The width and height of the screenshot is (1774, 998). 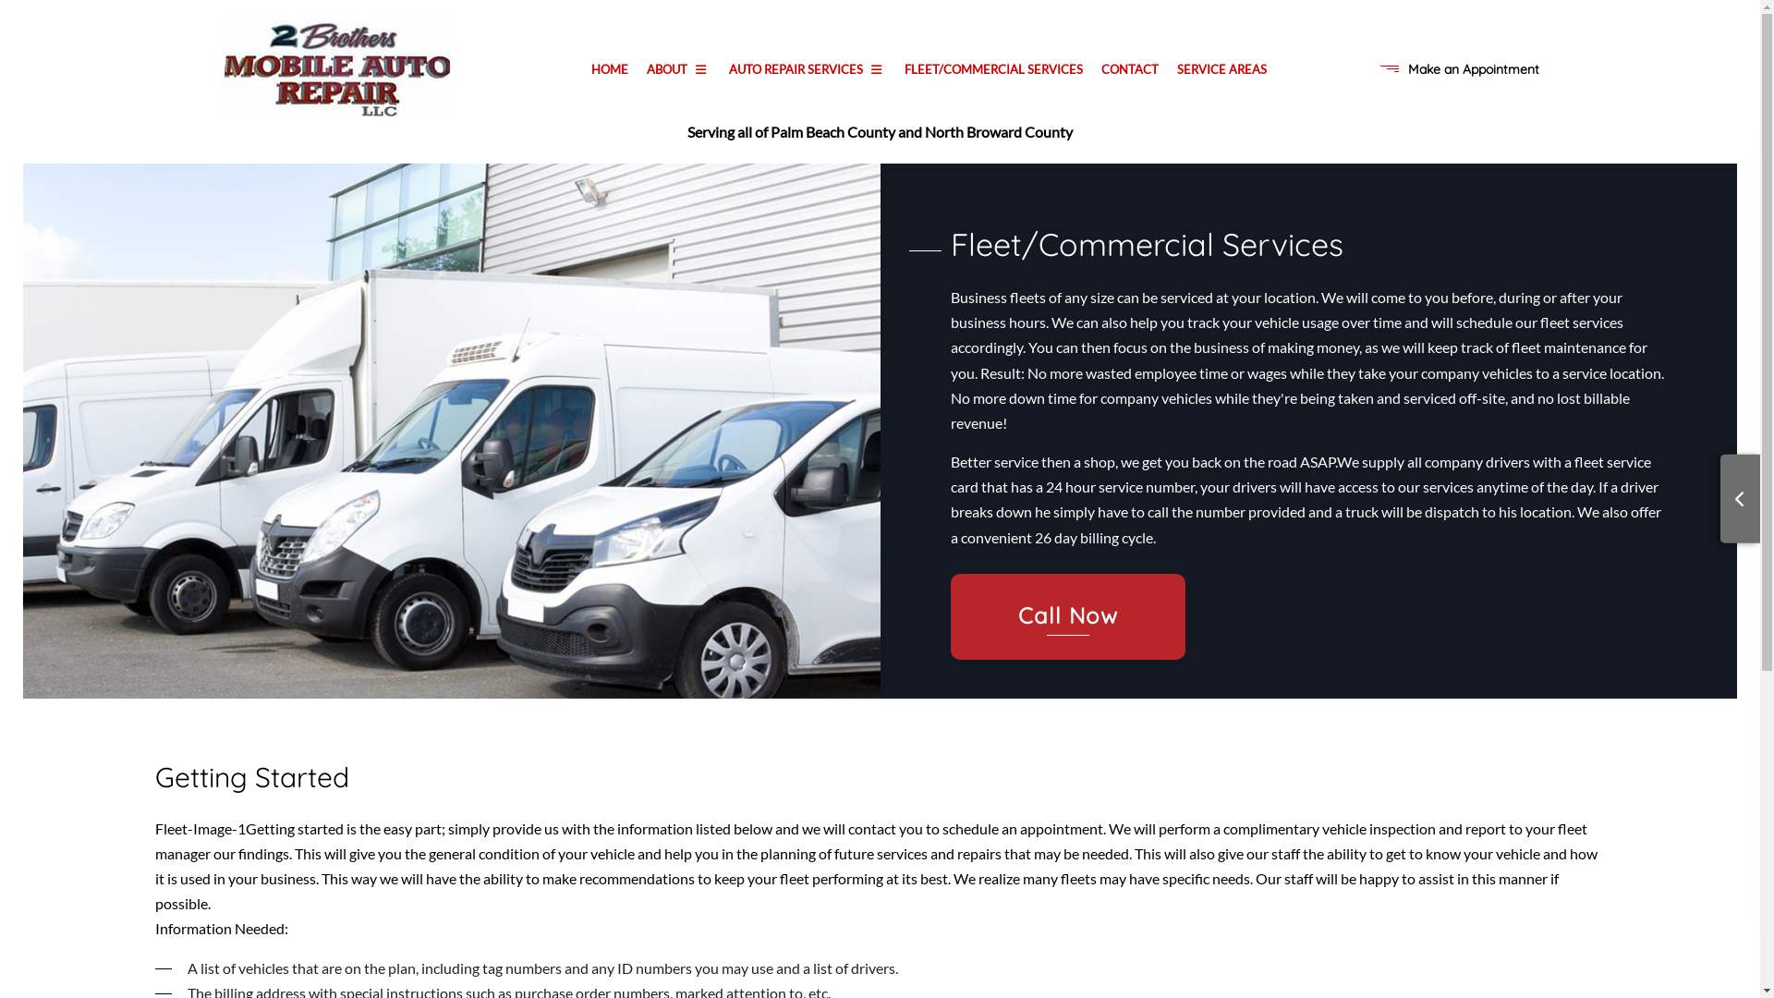 I want to click on 'CONTACT', so click(x=1129, y=68).